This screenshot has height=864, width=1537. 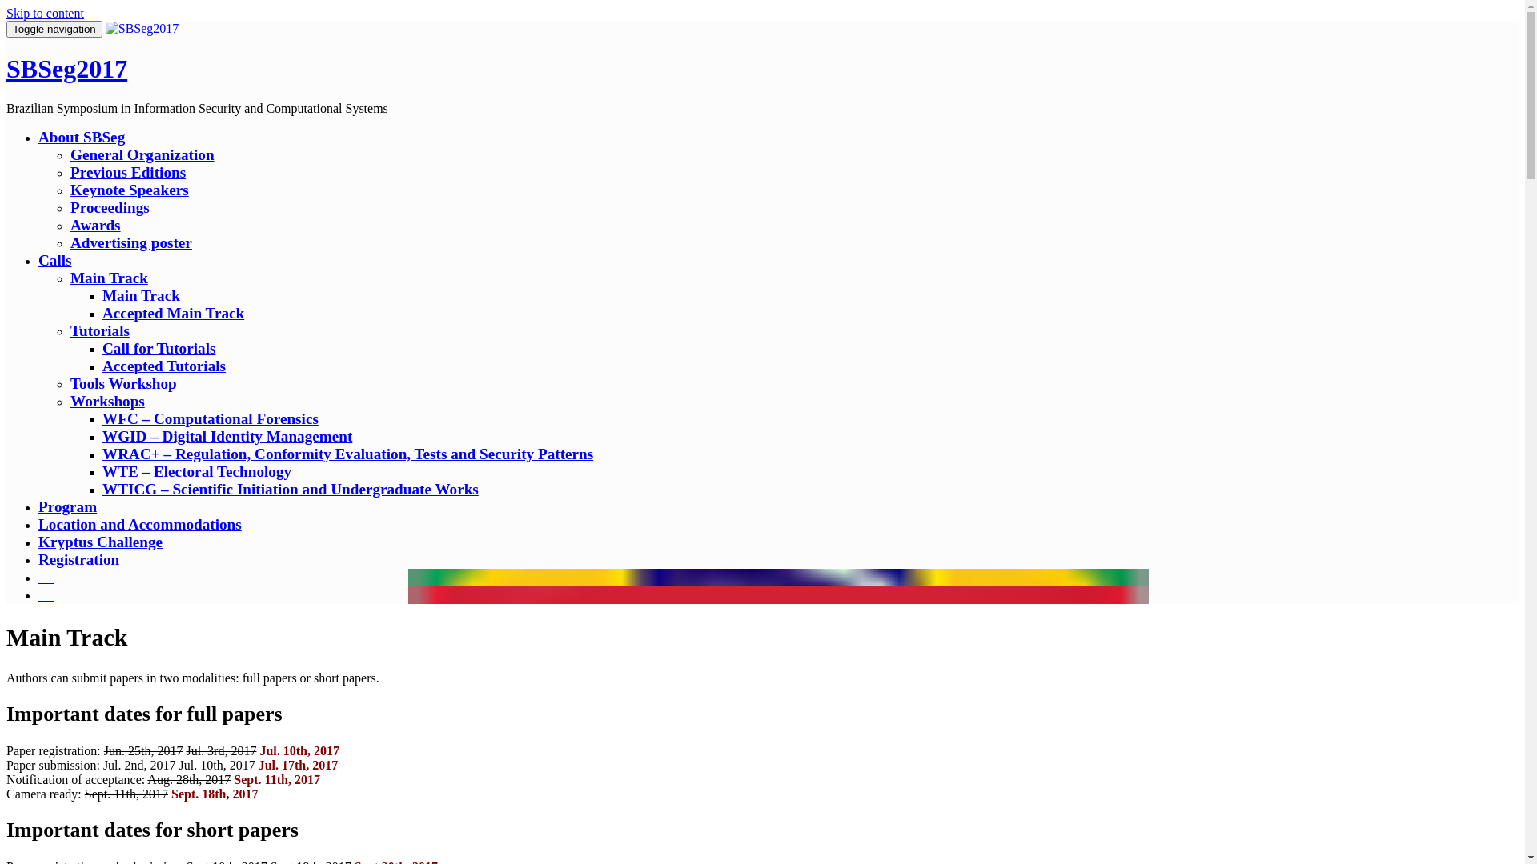 I want to click on 'Accepted Tutorials', so click(x=164, y=366).